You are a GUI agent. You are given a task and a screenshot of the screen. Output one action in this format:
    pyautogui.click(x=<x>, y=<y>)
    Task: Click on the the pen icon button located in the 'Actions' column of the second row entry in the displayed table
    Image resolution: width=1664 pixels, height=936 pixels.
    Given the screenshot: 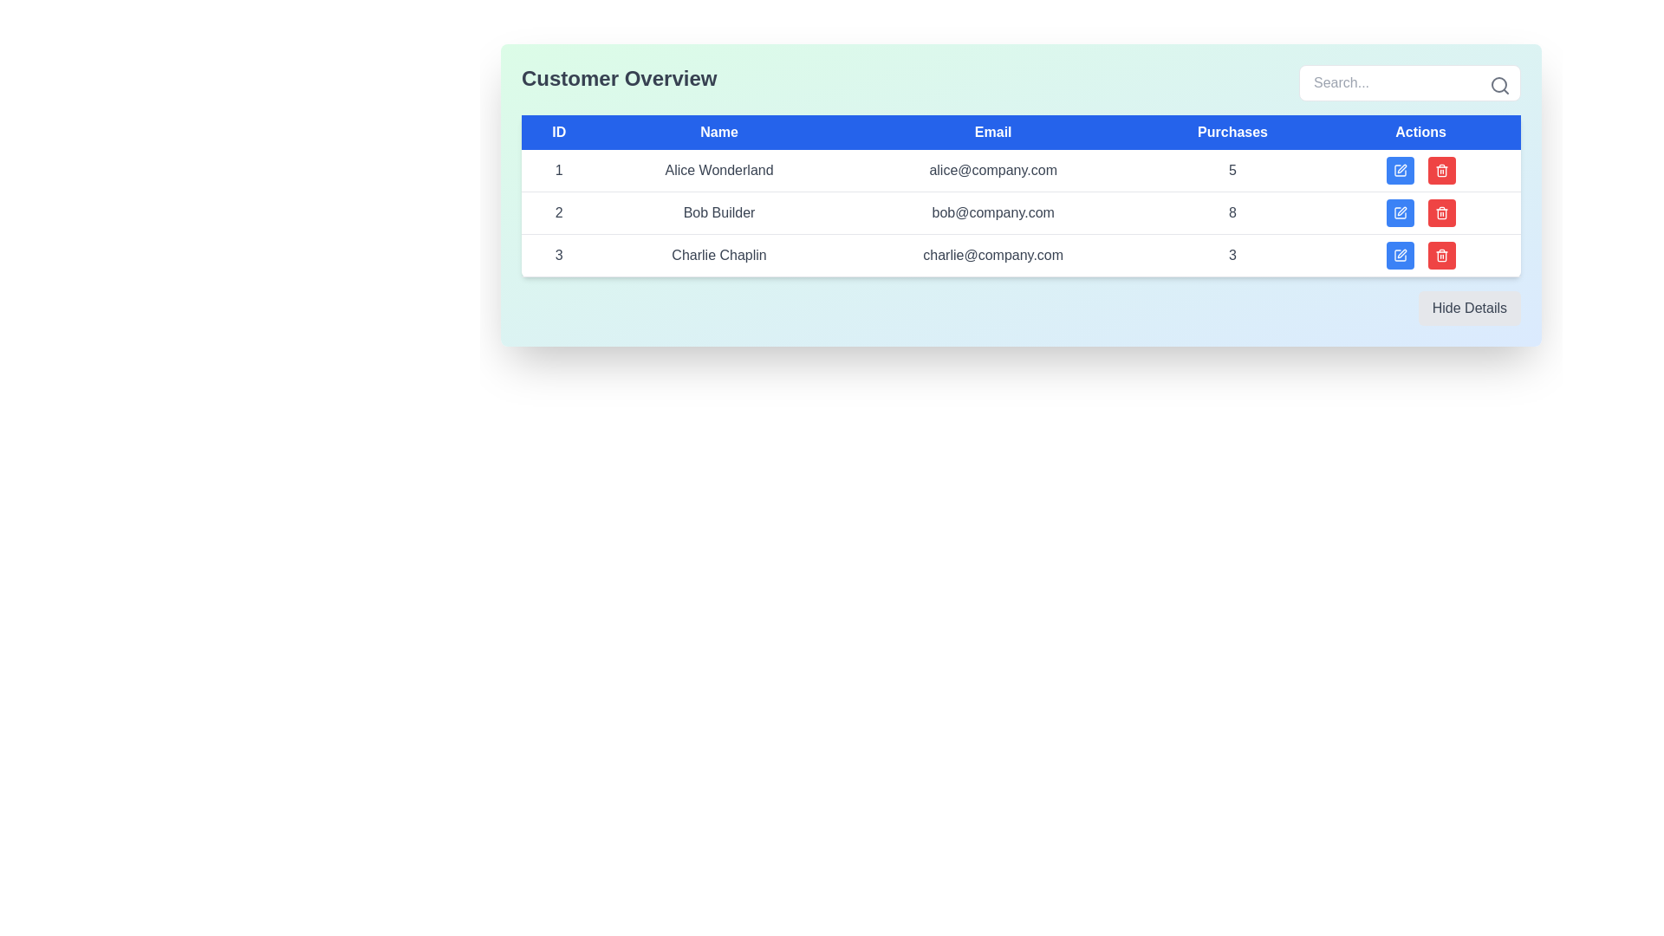 What is the action you would take?
    pyautogui.click(x=1401, y=169)
    